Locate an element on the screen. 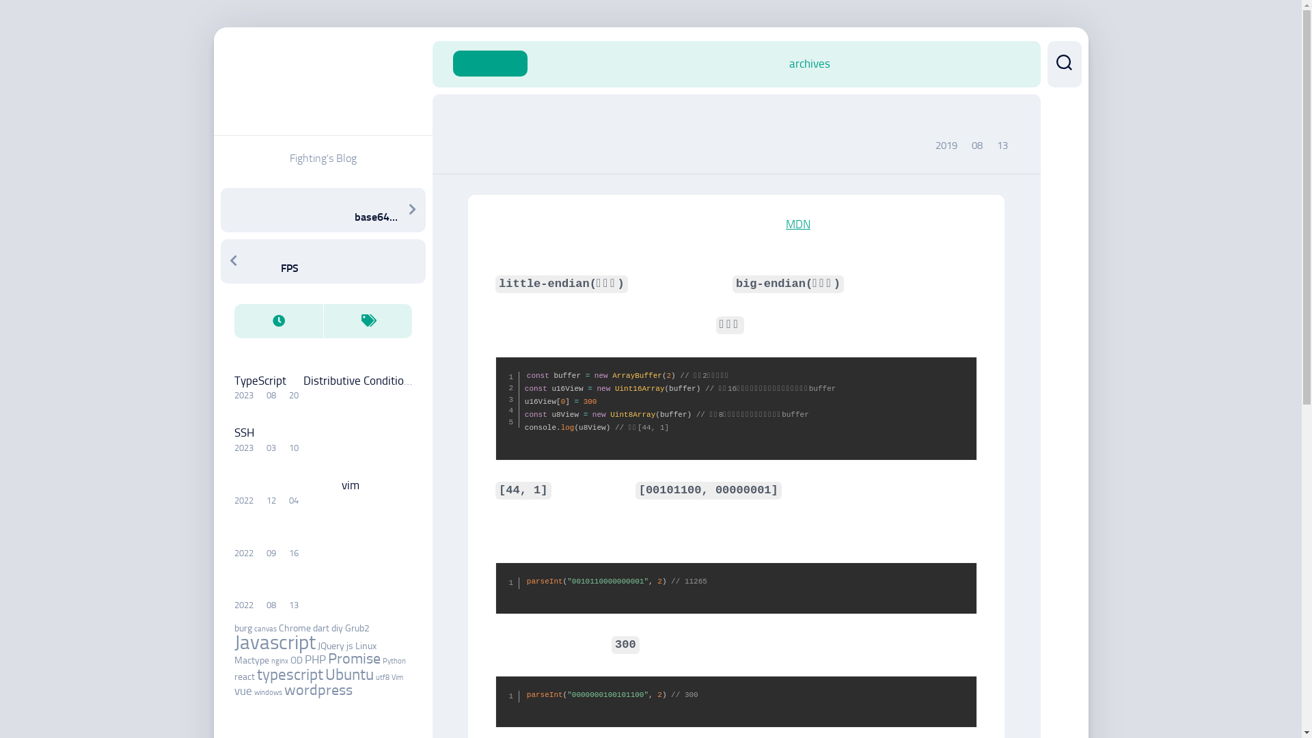 Image resolution: width=1312 pixels, height=738 pixels. 'utf8' is located at coordinates (383, 677).